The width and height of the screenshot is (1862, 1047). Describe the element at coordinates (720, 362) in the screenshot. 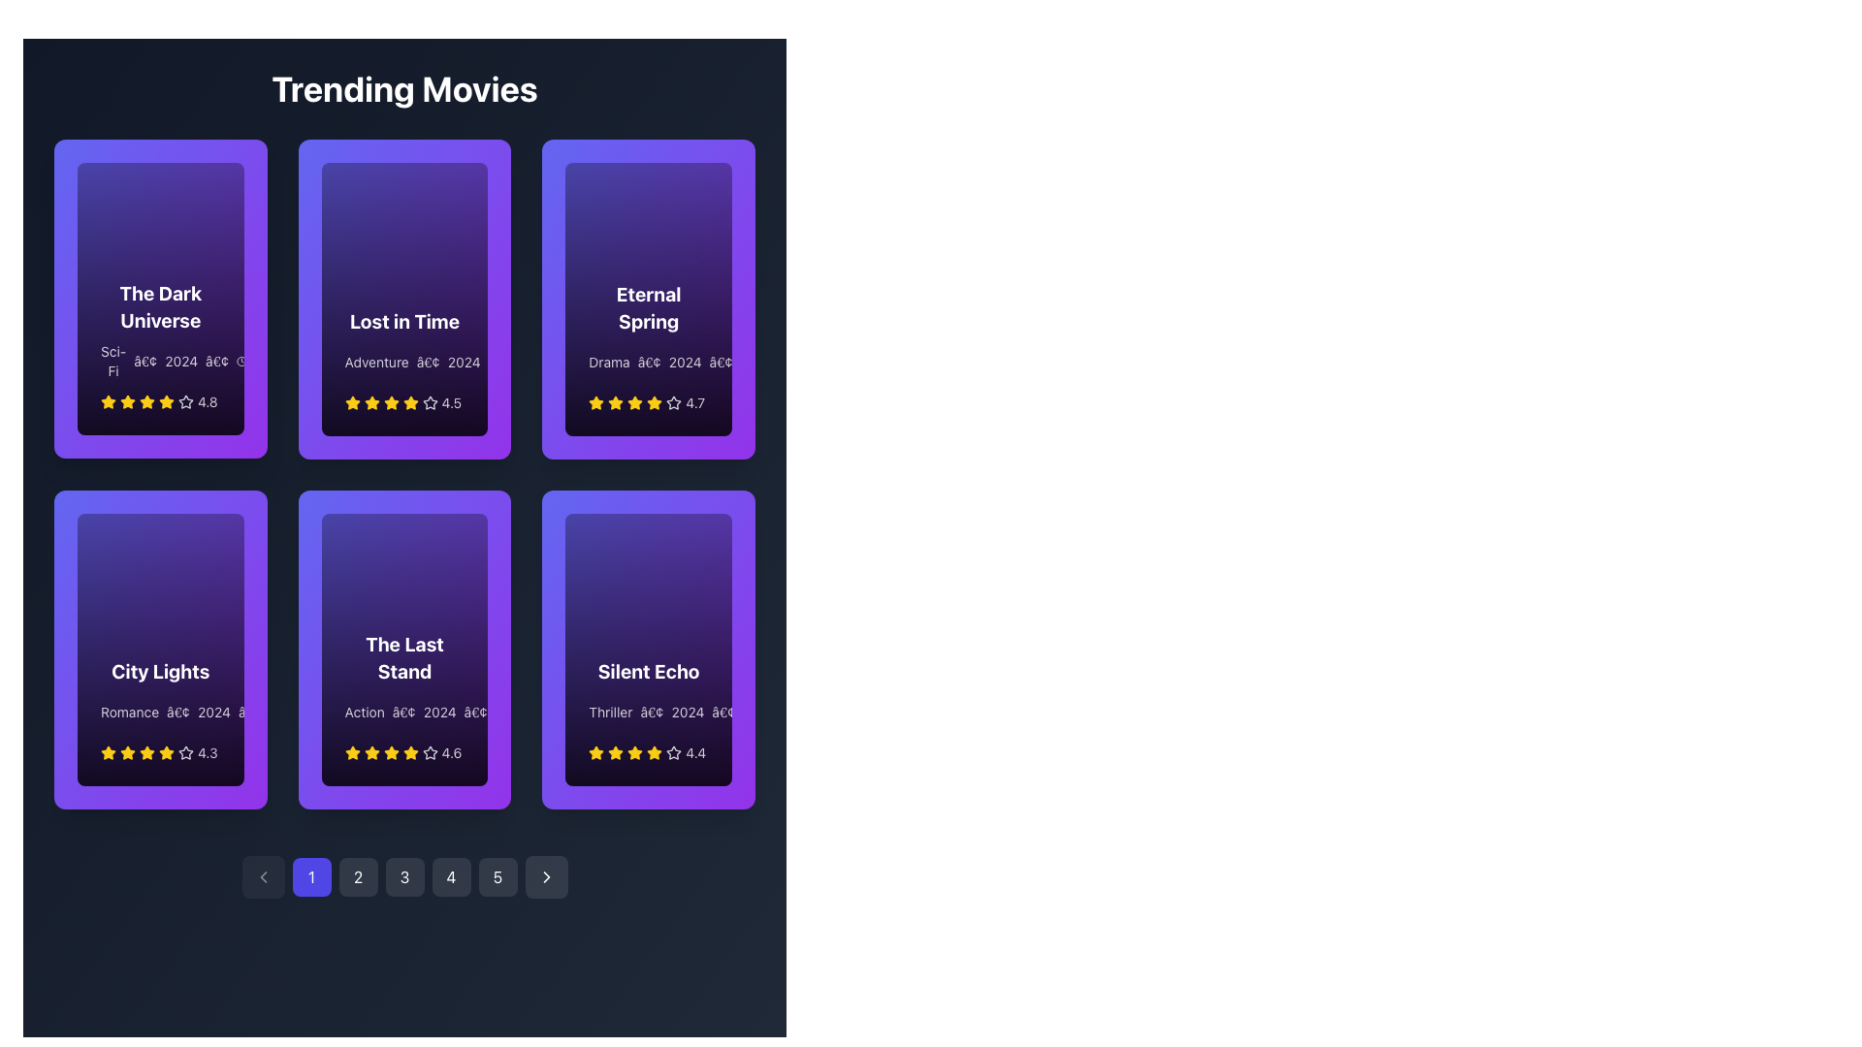

I see `the textual bullet character located between '2024' and '2h 05m' under the 'Eternal Spring' movie card in the third column of the grid layout` at that location.